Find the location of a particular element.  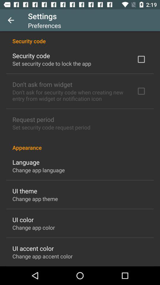

the item above security code is located at coordinates (11, 20).